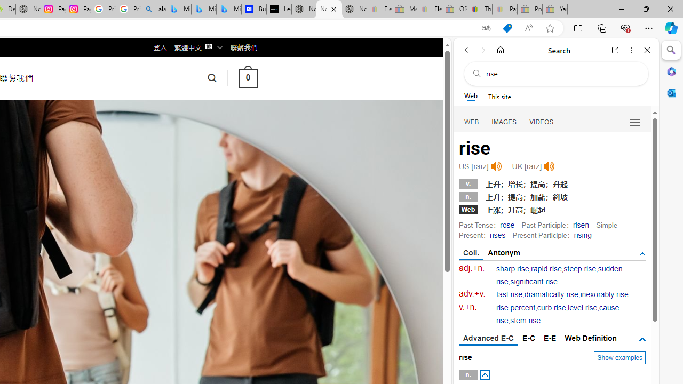  Describe the element at coordinates (590, 338) in the screenshot. I see `'Web Definition'` at that location.